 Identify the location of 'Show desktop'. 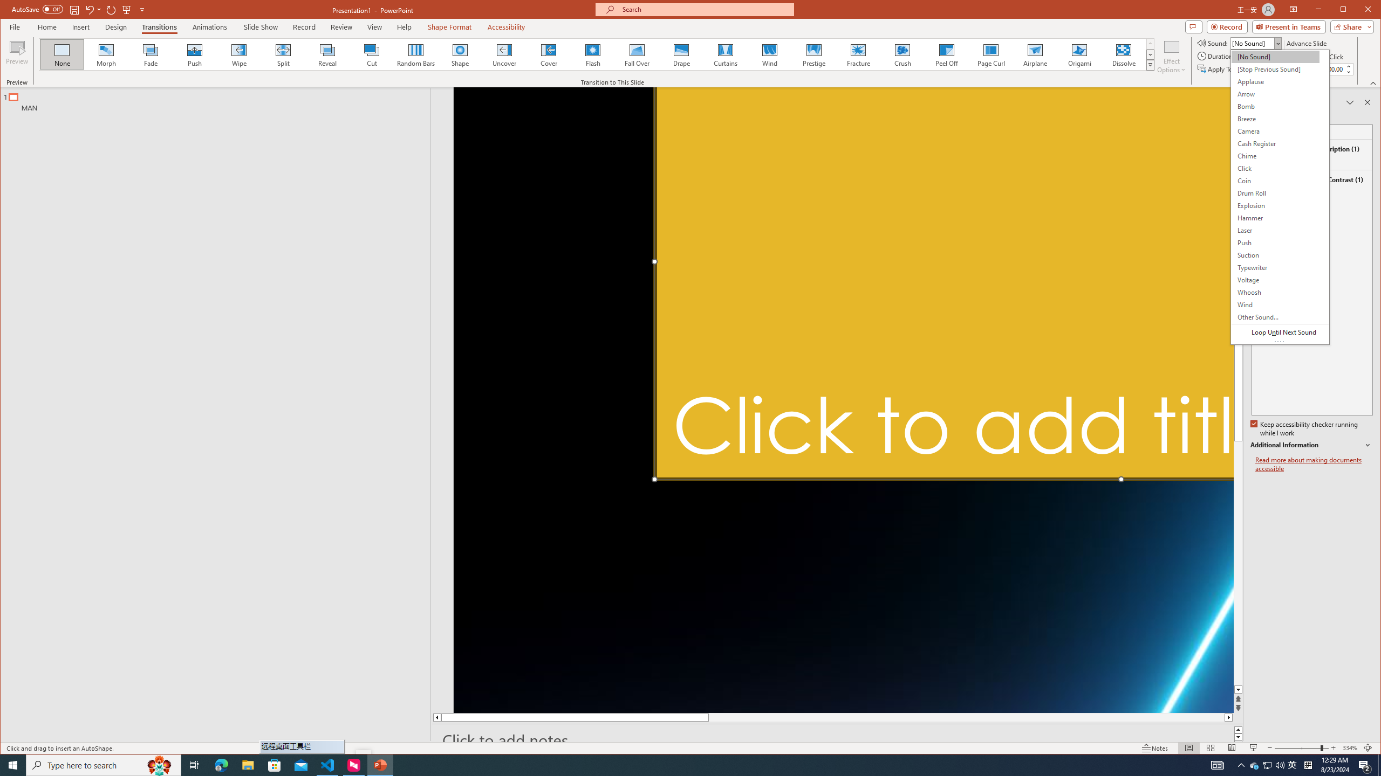
(1379, 764).